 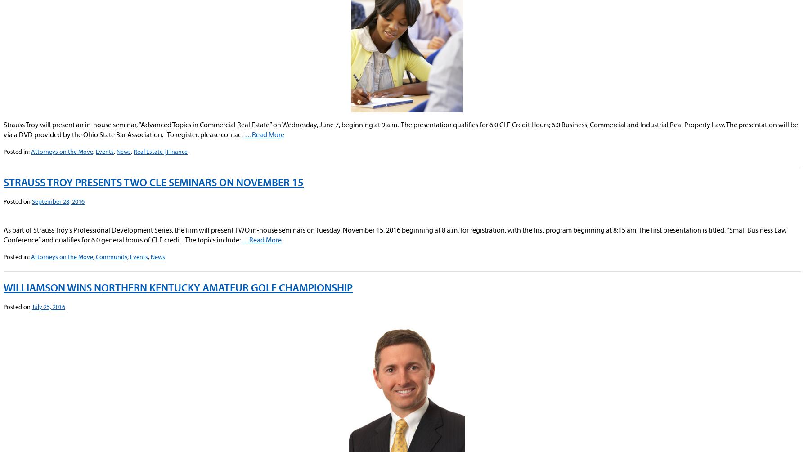 What do you see at coordinates (31, 306) in the screenshot?
I see `'July 25, 2016'` at bounding box center [31, 306].